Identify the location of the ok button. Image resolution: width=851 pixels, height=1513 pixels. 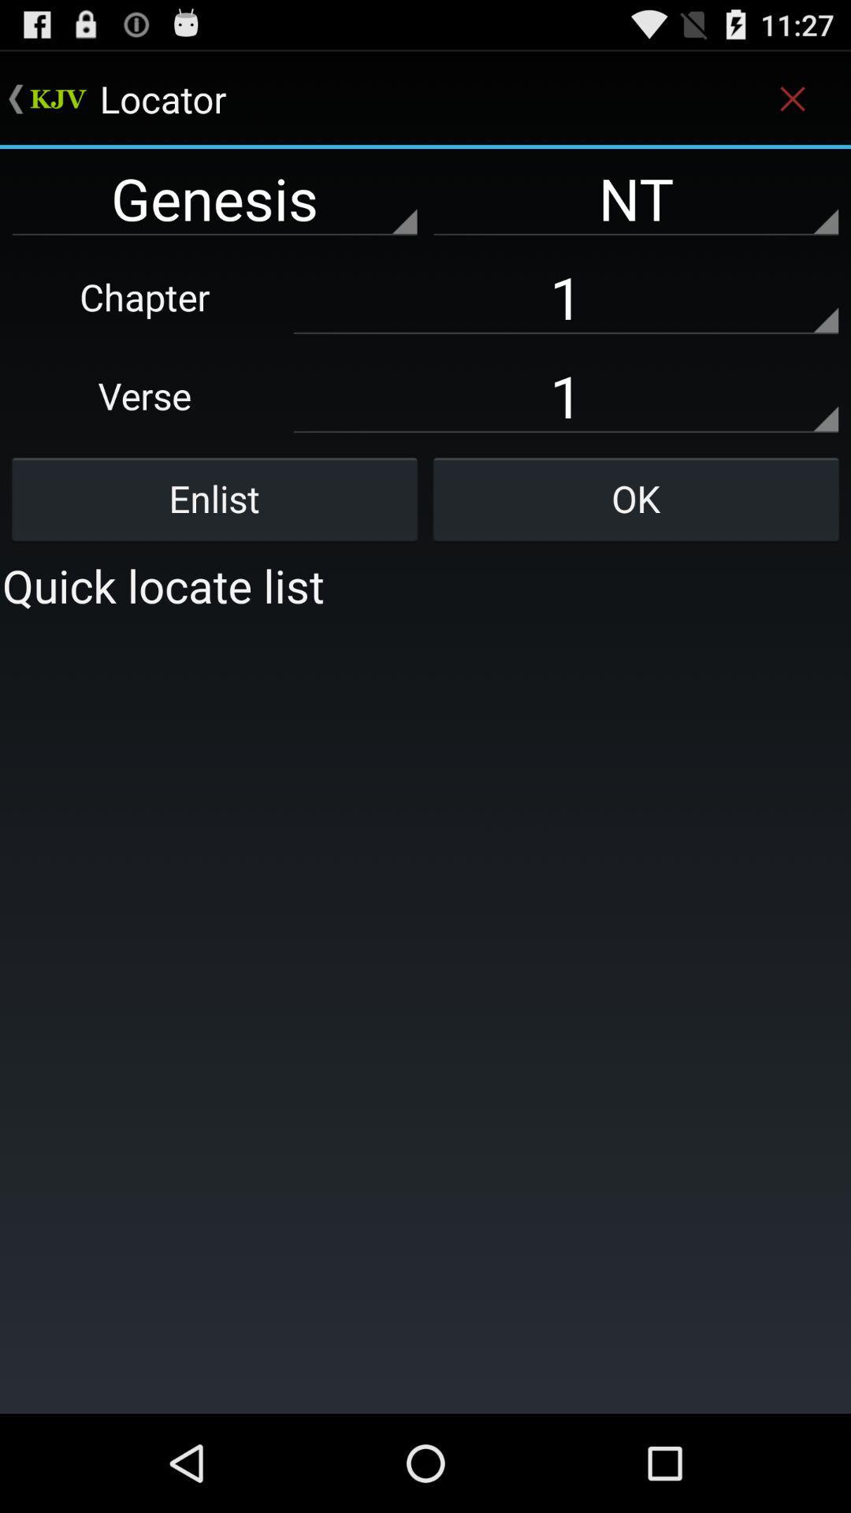
(635, 498).